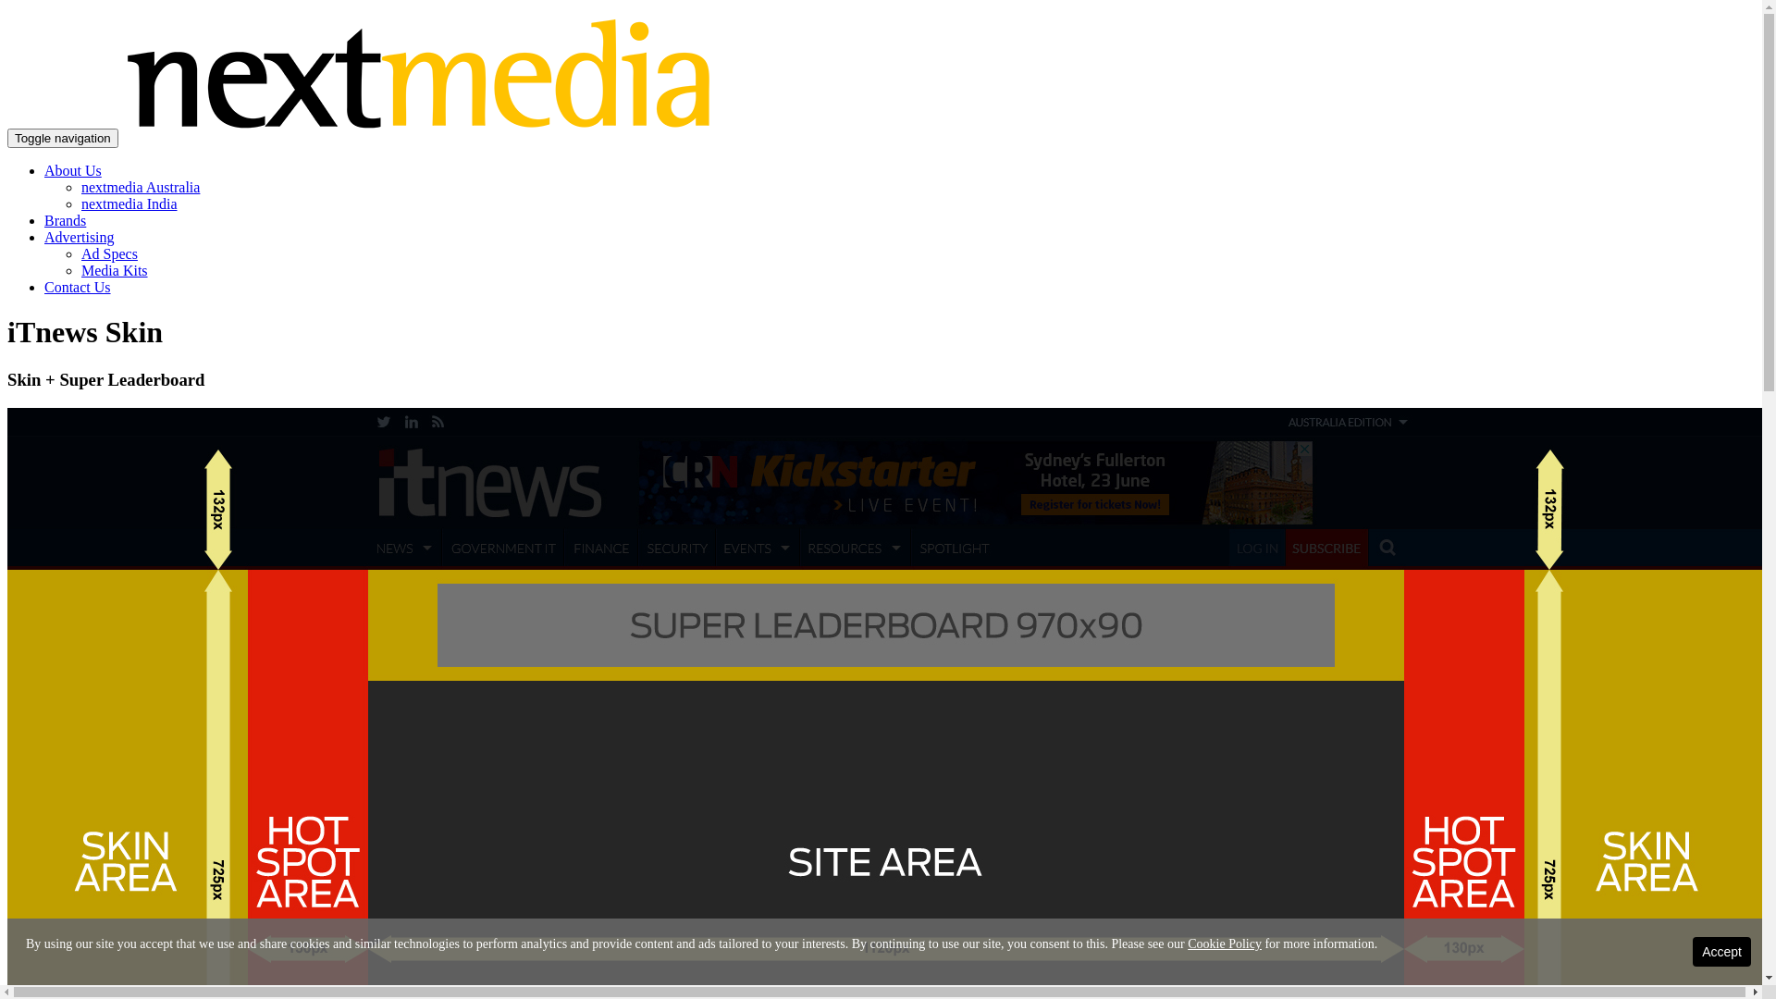  What do you see at coordinates (62, 137) in the screenshot?
I see `'Toggle navigation'` at bounding box center [62, 137].